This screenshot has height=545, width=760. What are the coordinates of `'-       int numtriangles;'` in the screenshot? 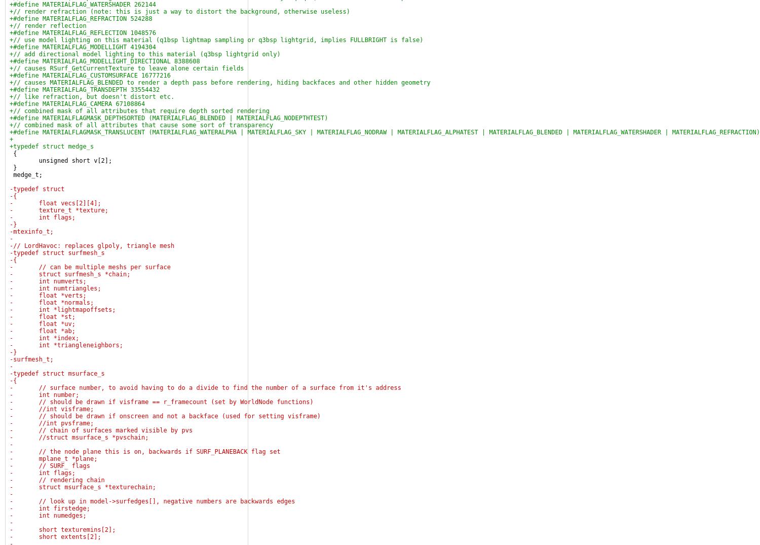 It's located at (55, 288).